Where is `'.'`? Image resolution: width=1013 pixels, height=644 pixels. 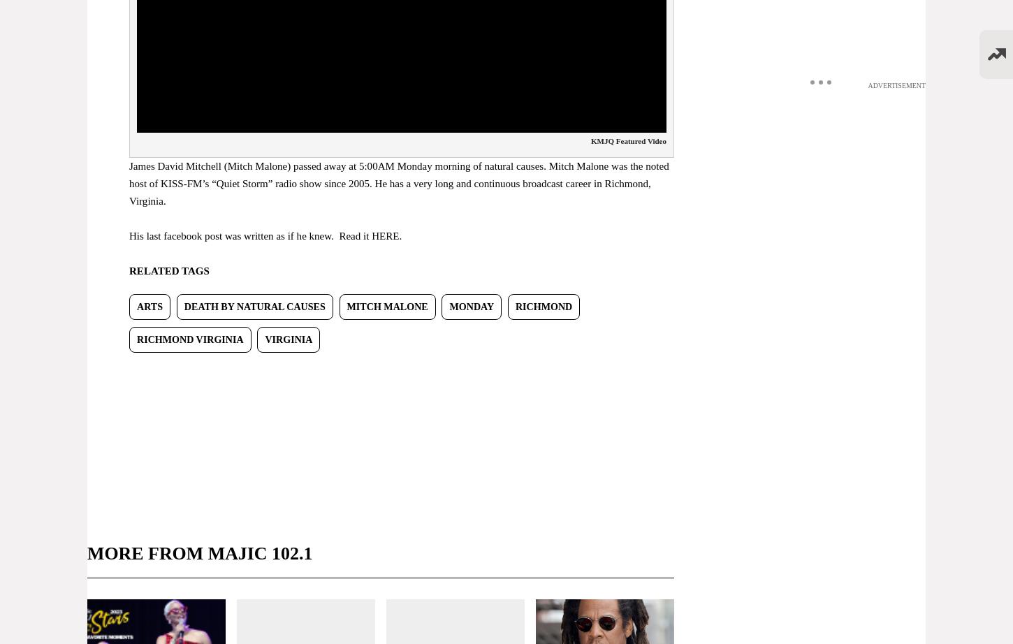
'.' is located at coordinates (400, 235).